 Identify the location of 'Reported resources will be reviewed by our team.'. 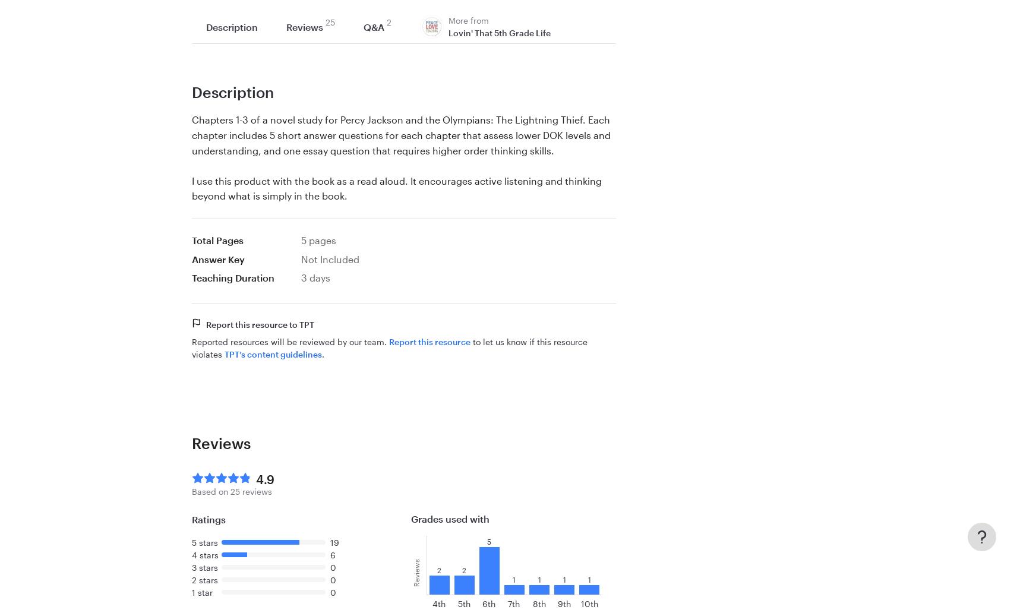
(191, 341).